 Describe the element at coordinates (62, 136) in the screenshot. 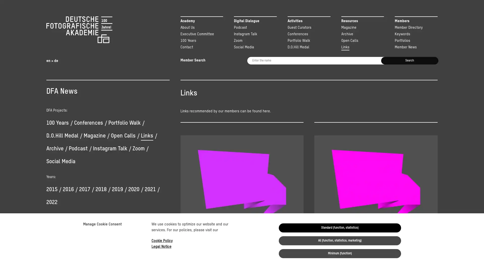

I see `D.O.Hill Medal` at that location.